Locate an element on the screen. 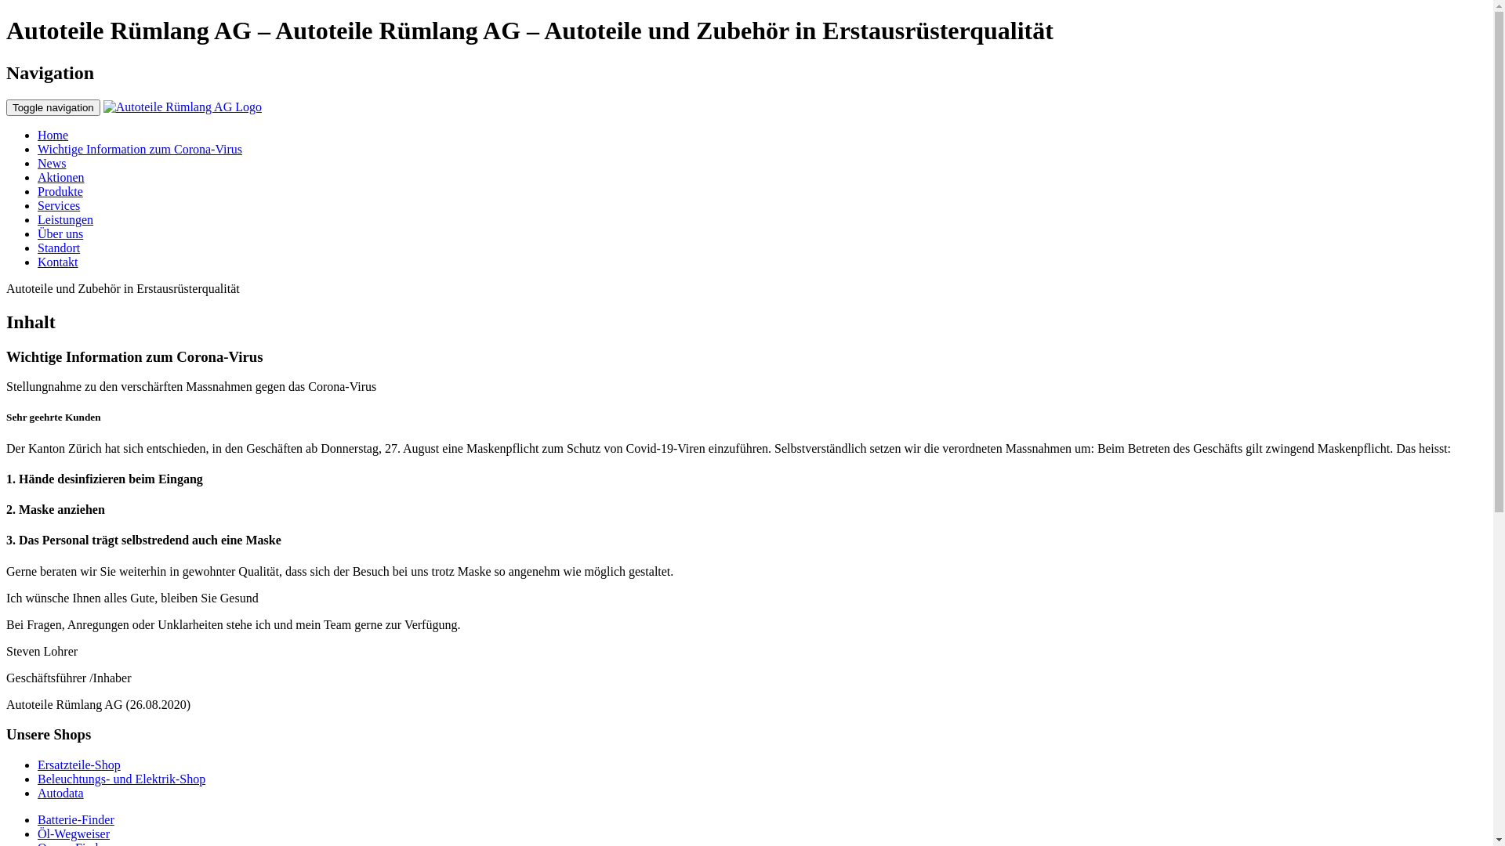  'Standort' is located at coordinates (59, 247).